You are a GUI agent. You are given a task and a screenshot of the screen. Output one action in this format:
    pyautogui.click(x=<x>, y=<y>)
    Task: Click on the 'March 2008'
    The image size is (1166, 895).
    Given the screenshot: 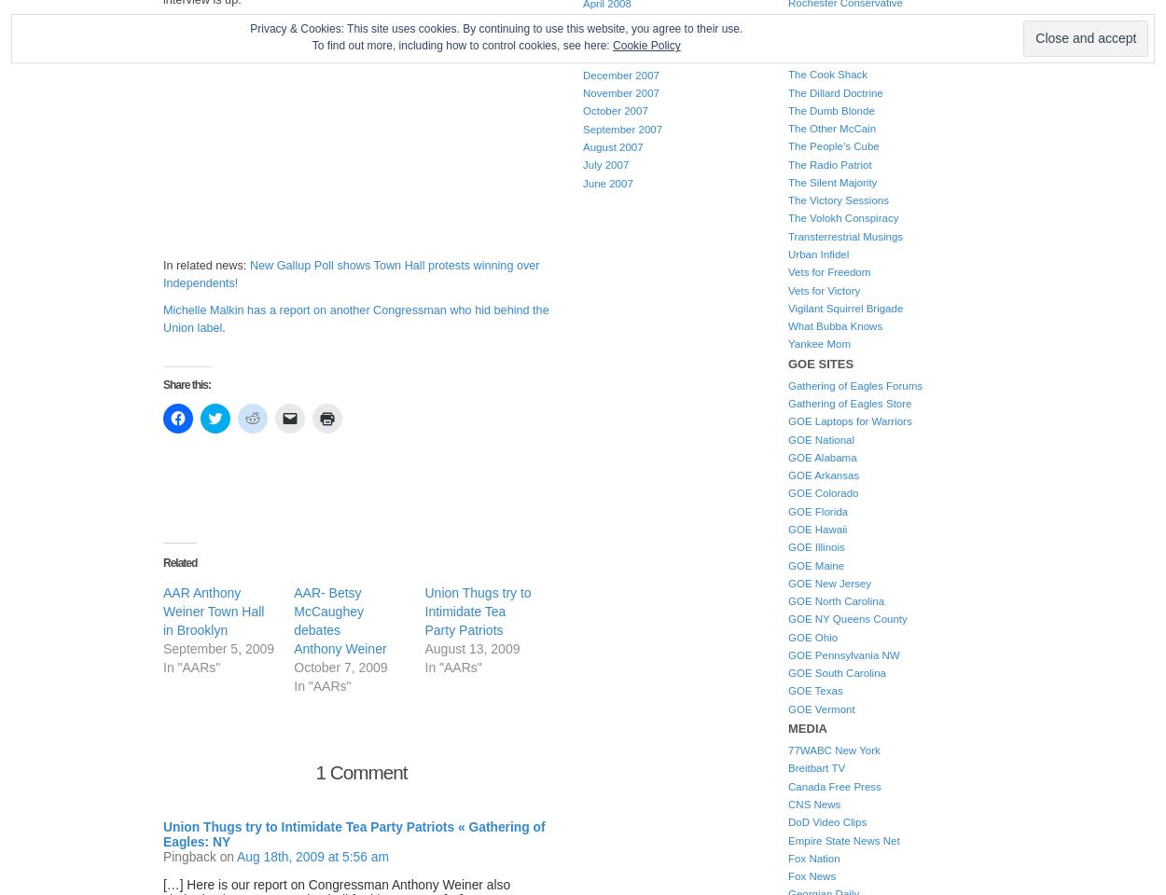 What is the action you would take?
    pyautogui.click(x=583, y=21)
    